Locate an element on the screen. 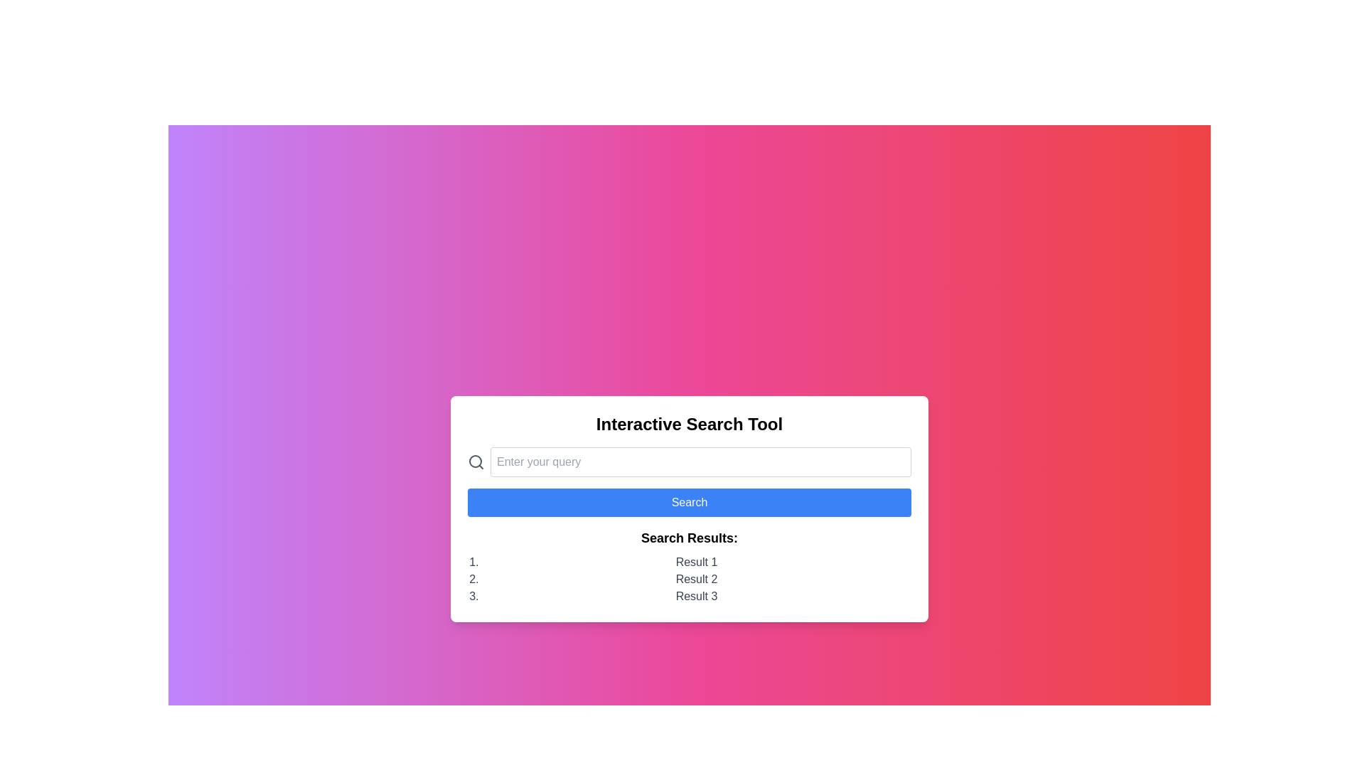 This screenshot has height=768, width=1365. the distinct blue 'Search' button with rounded edges is located at coordinates (689, 508).